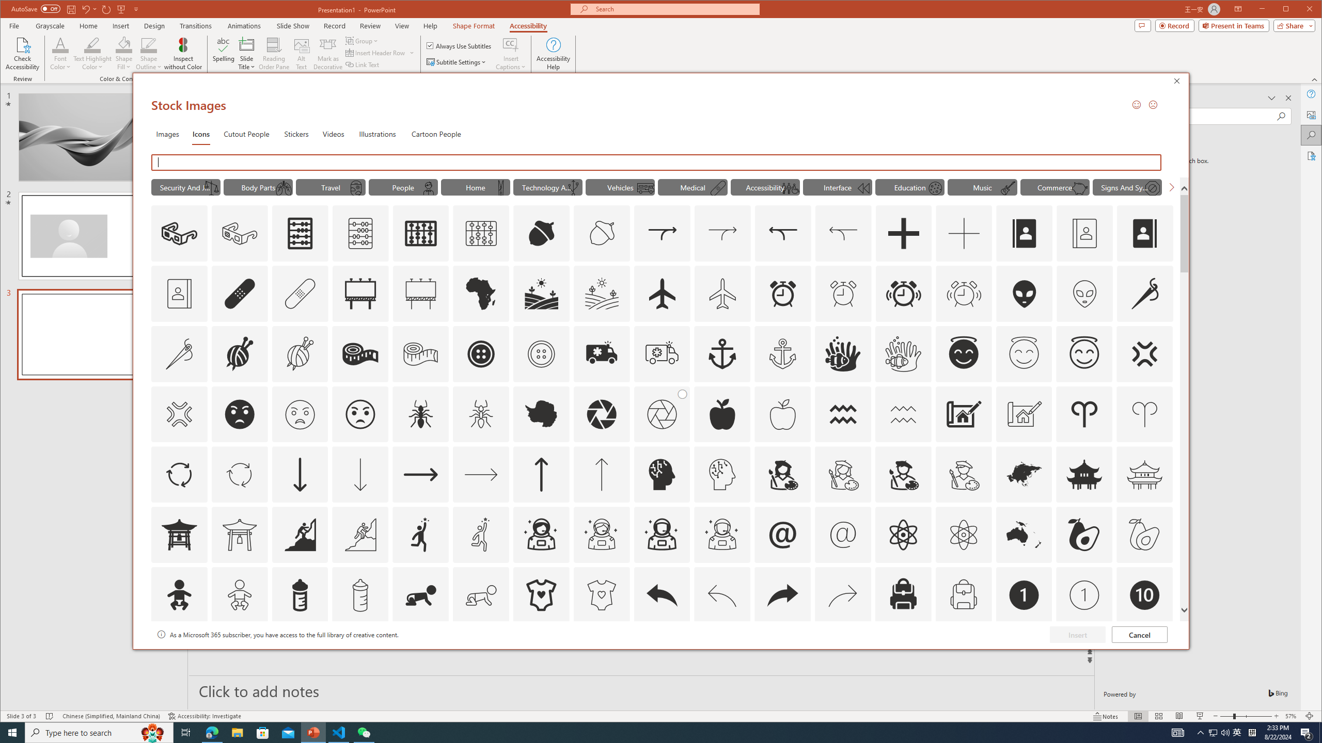  Describe the element at coordinates (1025, 474) in the screenshot. I see `'AutomationID: Icons_Asia'` at that location.